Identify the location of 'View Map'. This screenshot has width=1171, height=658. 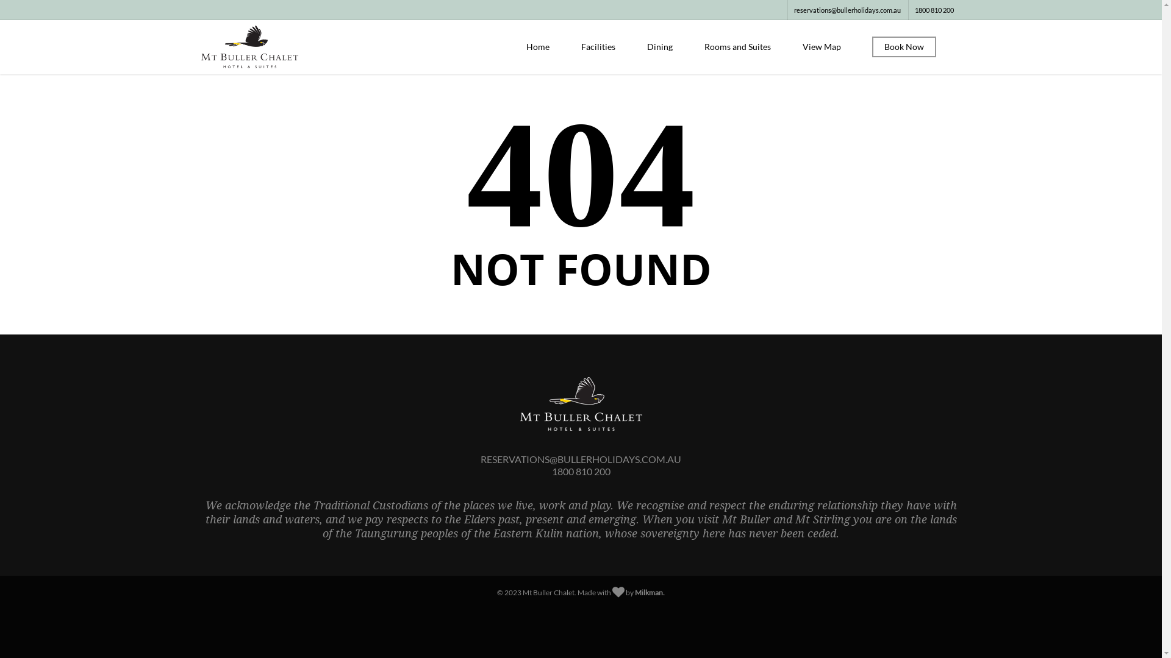
(822, 49).